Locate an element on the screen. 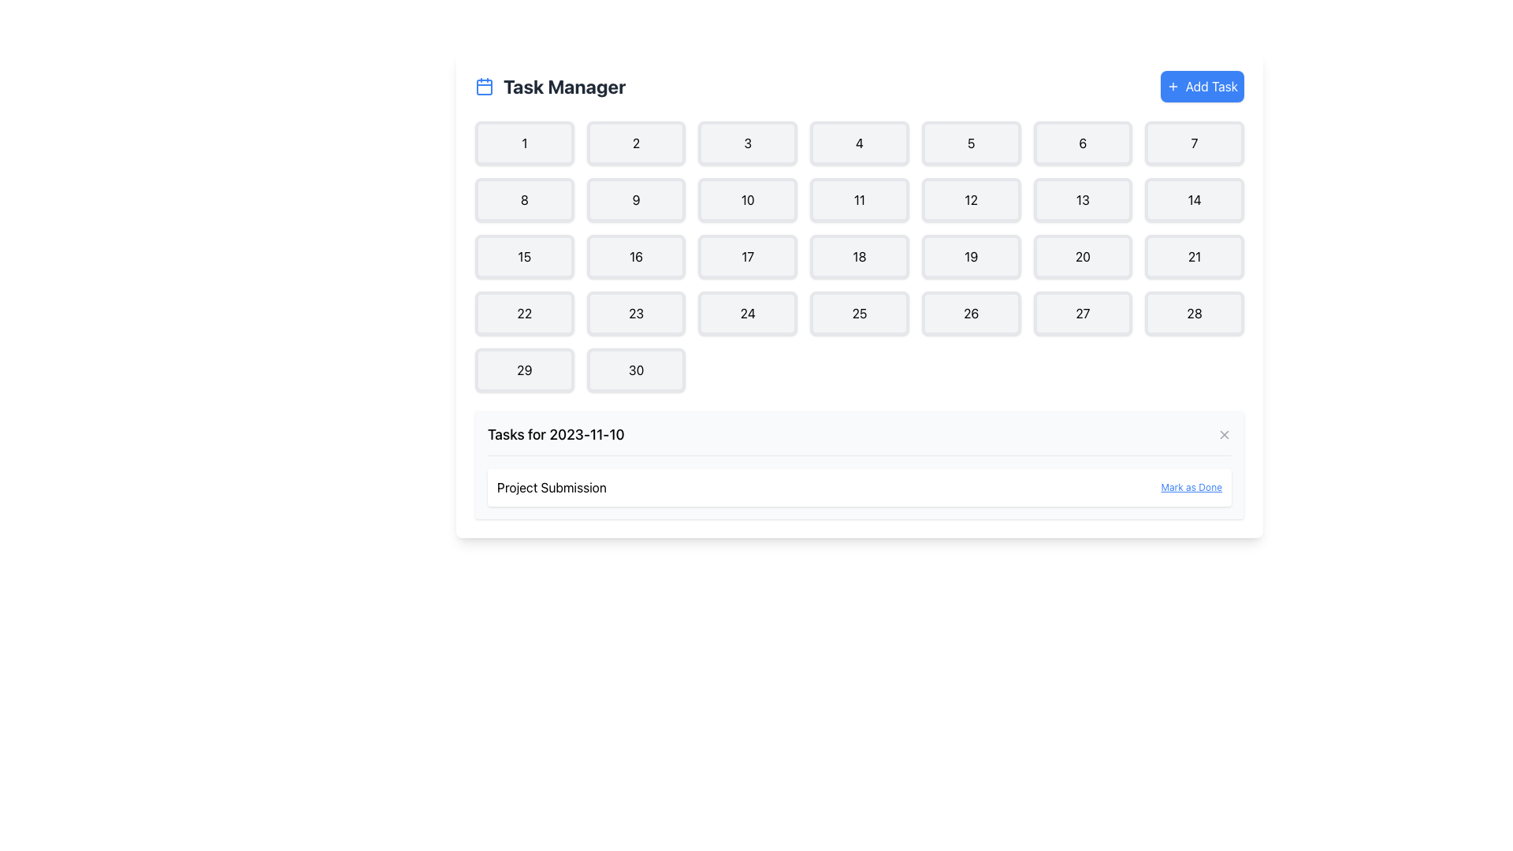  the blue rectangular button with white text labeled 'Add Task' and a '+' icon is located at coordinates (1201, 87).